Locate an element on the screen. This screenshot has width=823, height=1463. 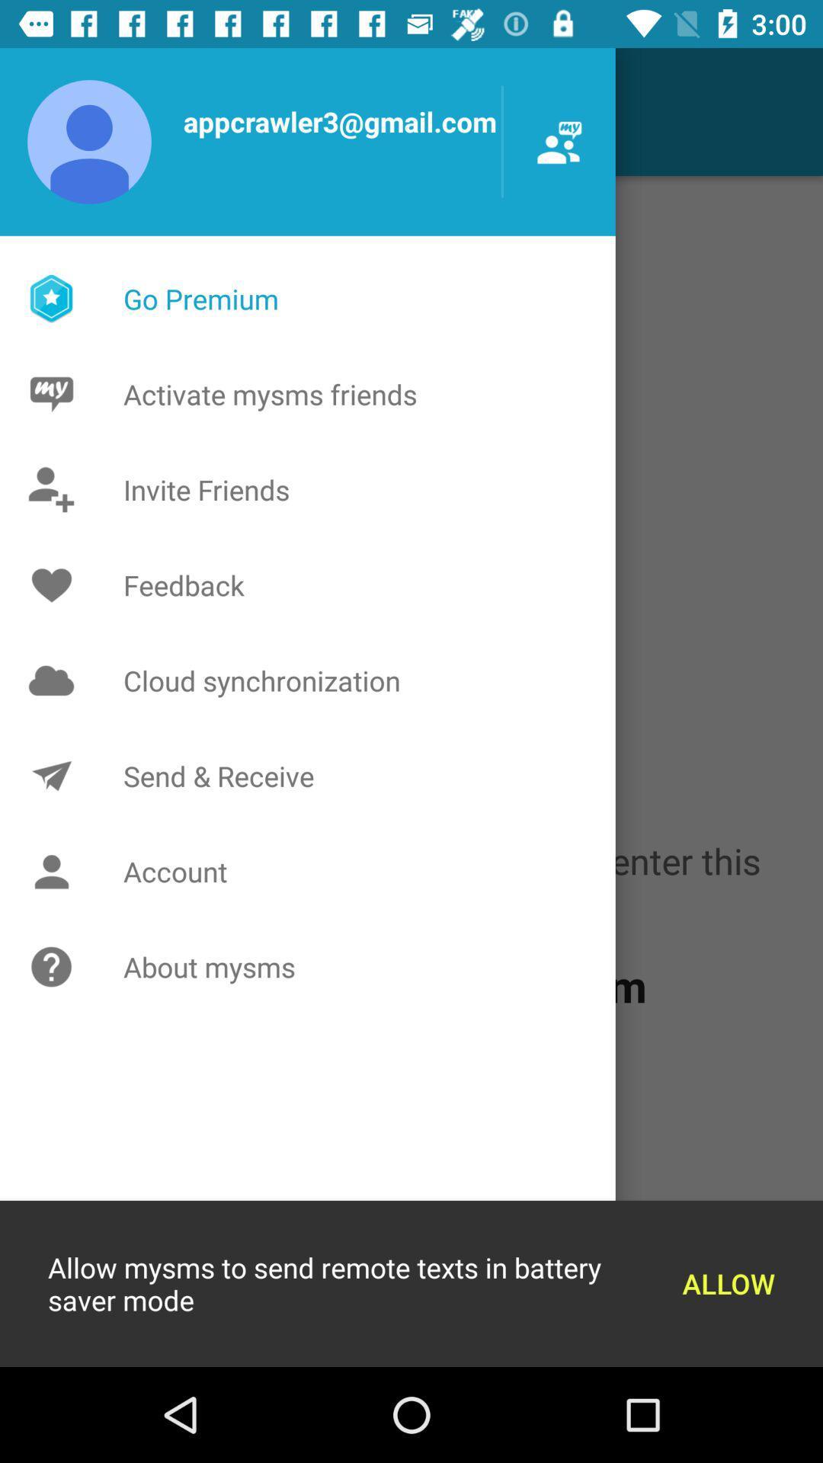
the user icon is located at coordinates (94, 142).